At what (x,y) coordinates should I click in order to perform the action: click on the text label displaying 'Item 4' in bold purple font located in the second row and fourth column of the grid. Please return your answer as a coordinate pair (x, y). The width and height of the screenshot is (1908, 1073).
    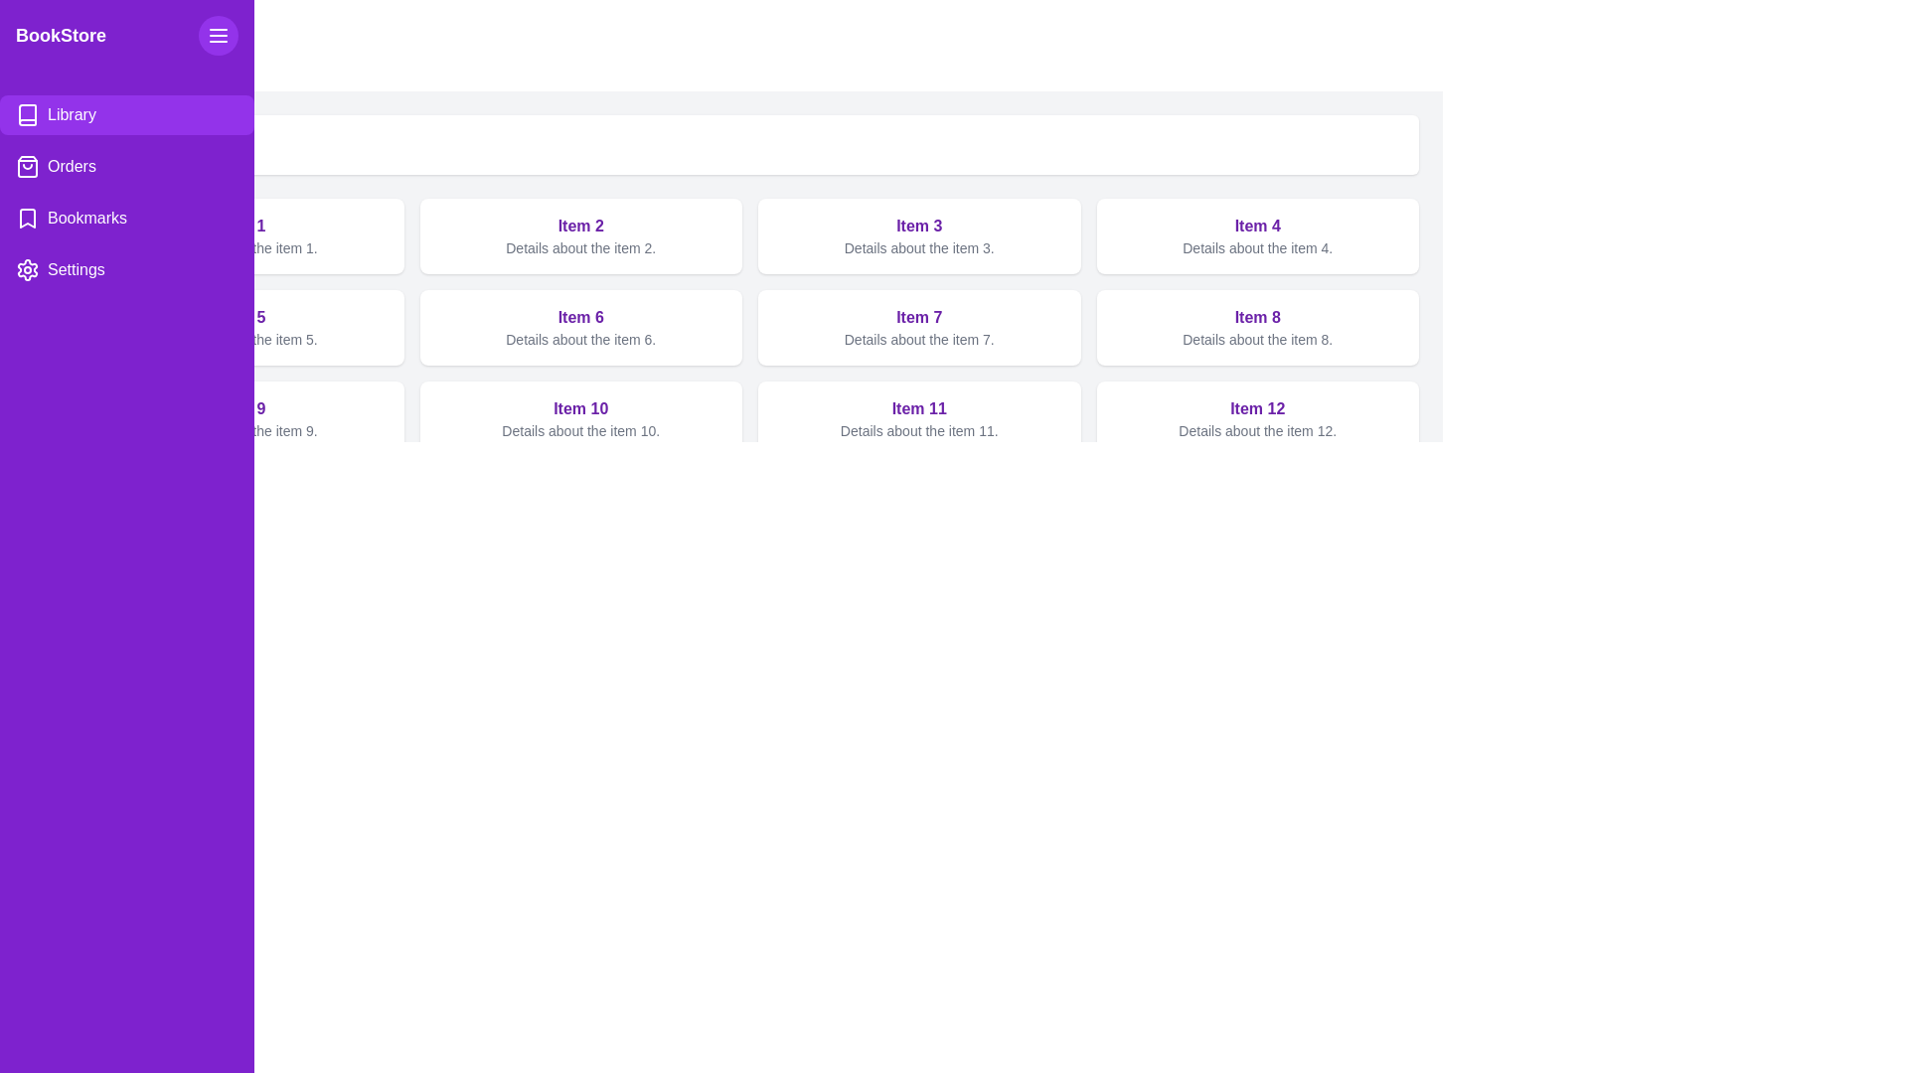
    Looking at the image, I should click on (1256, 225).